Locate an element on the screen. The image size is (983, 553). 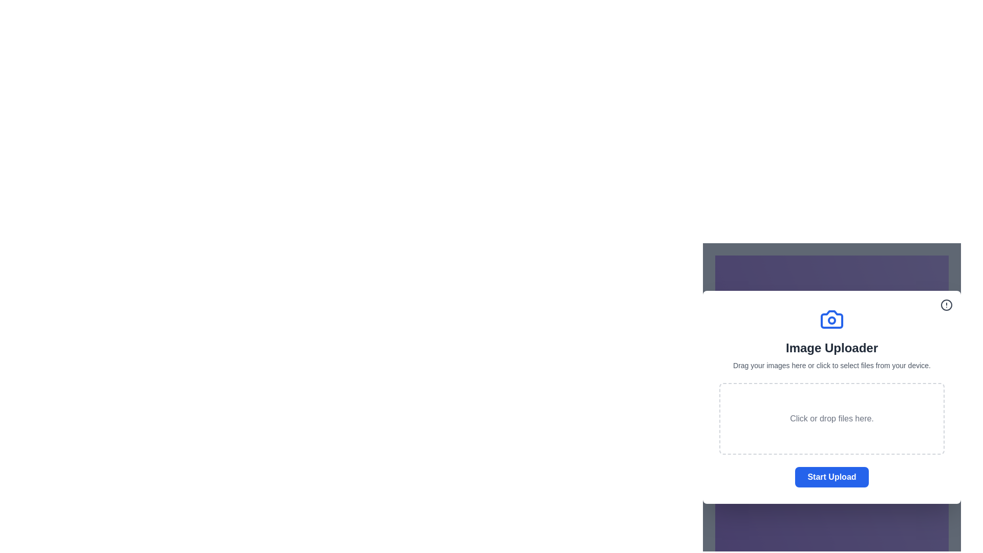
the file upload drop zone located below the title 'Image Uploader' and above the 'Start Upload' button is located at coordinates (832, 418).